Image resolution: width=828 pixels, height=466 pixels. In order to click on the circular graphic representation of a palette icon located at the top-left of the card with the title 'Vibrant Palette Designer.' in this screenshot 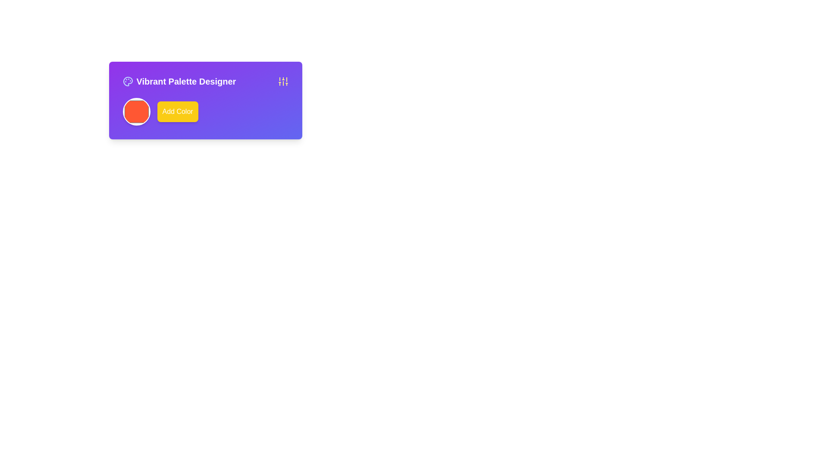, I will do `click(127, 82)`.